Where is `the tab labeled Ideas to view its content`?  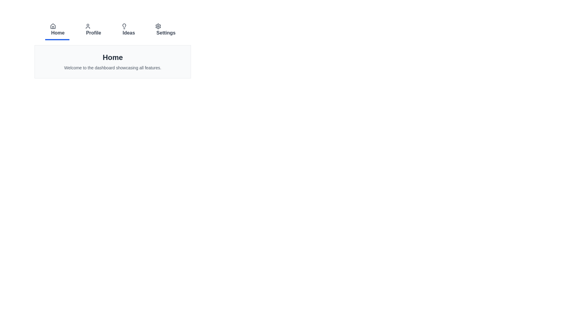 the tab labeled Ideas to view its content is located at coordinates (128, 30).